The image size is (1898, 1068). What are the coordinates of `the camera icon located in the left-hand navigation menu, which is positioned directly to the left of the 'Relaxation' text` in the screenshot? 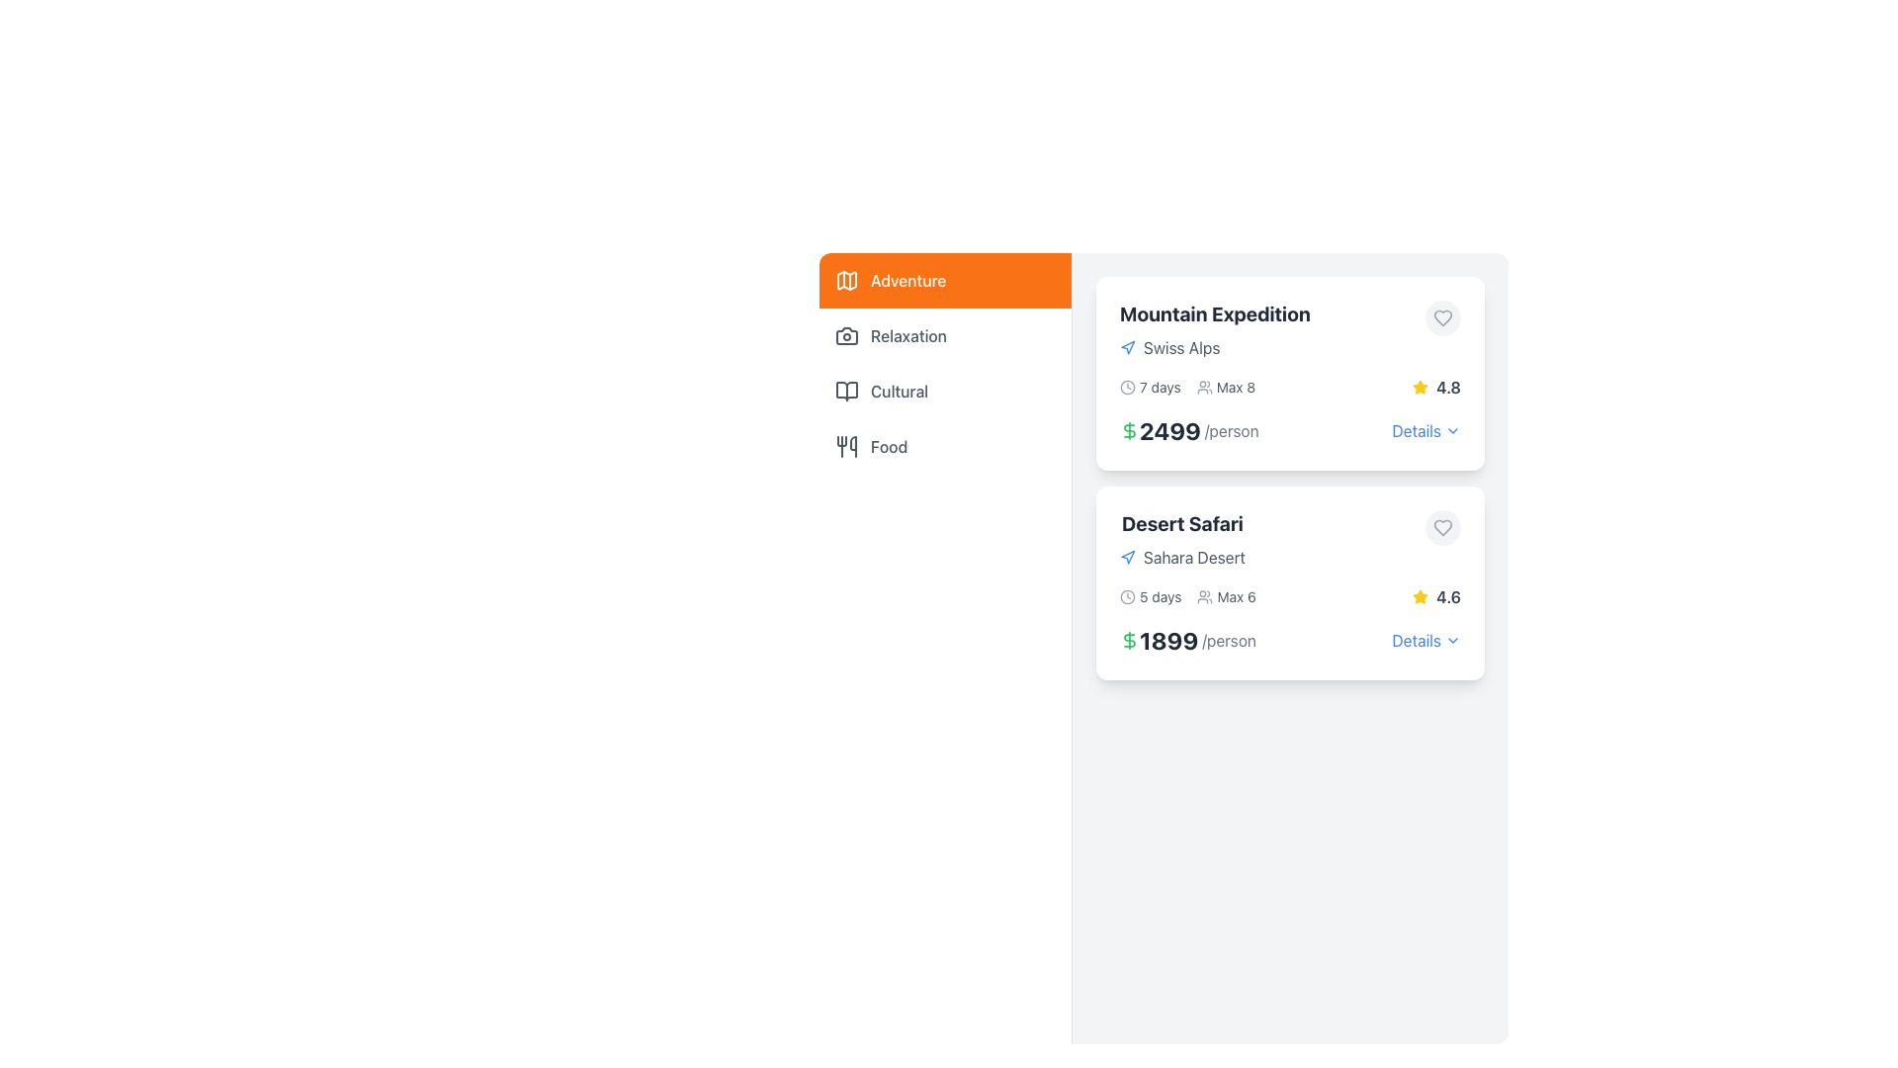 It's located at (847, 334).